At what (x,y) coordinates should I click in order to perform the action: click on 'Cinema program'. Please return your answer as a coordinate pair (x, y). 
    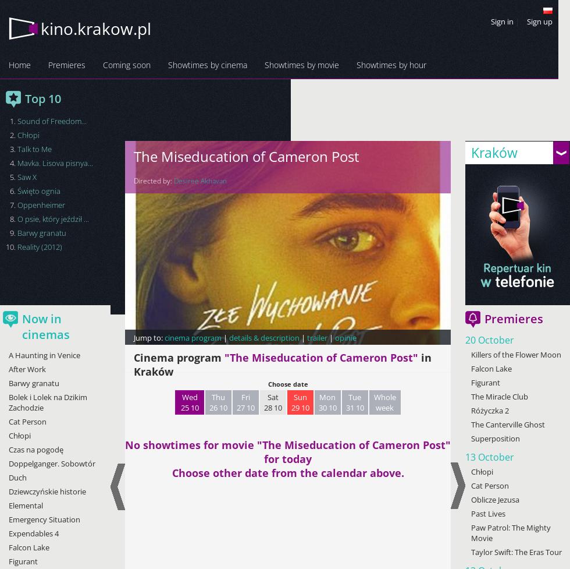
    Looking at the image, I should click on (179, 357).